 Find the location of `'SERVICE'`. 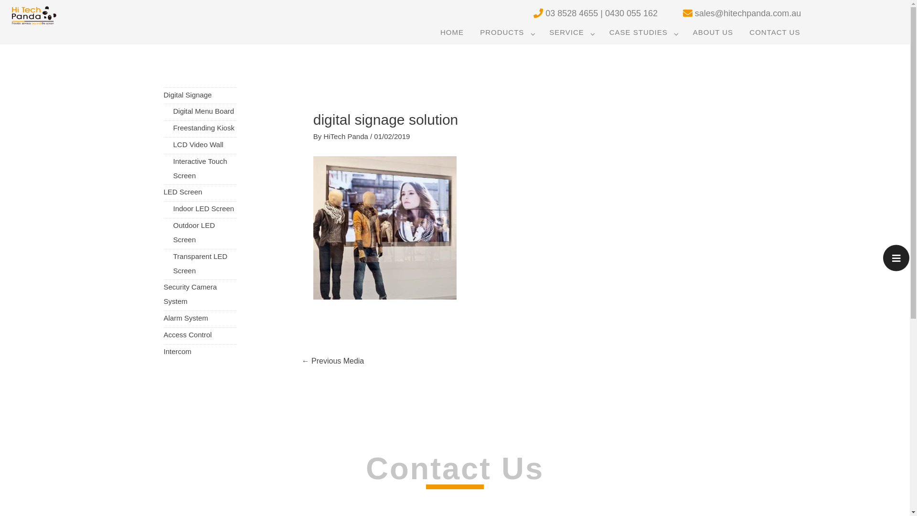

'SERVICE' is located at coordinates (571, 32).